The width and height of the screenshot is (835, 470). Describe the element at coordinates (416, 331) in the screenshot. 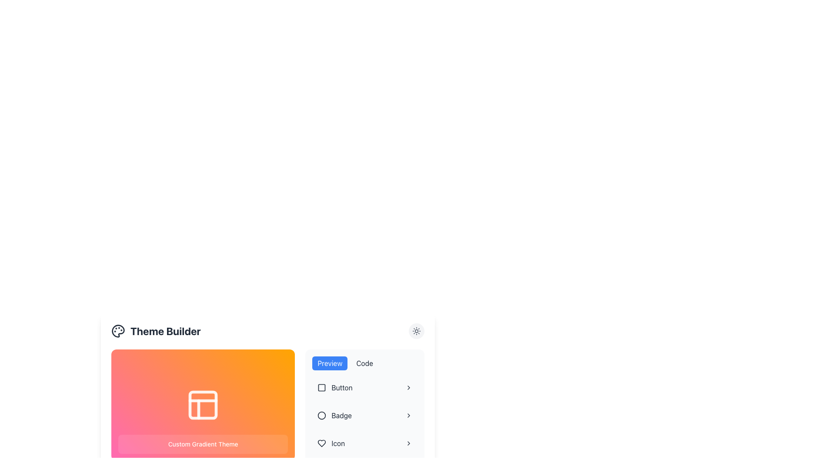

I see `the simplistic sun-like icon located at the center of the circular button with a light gray background in the upper-right corner of the UI` at that location.